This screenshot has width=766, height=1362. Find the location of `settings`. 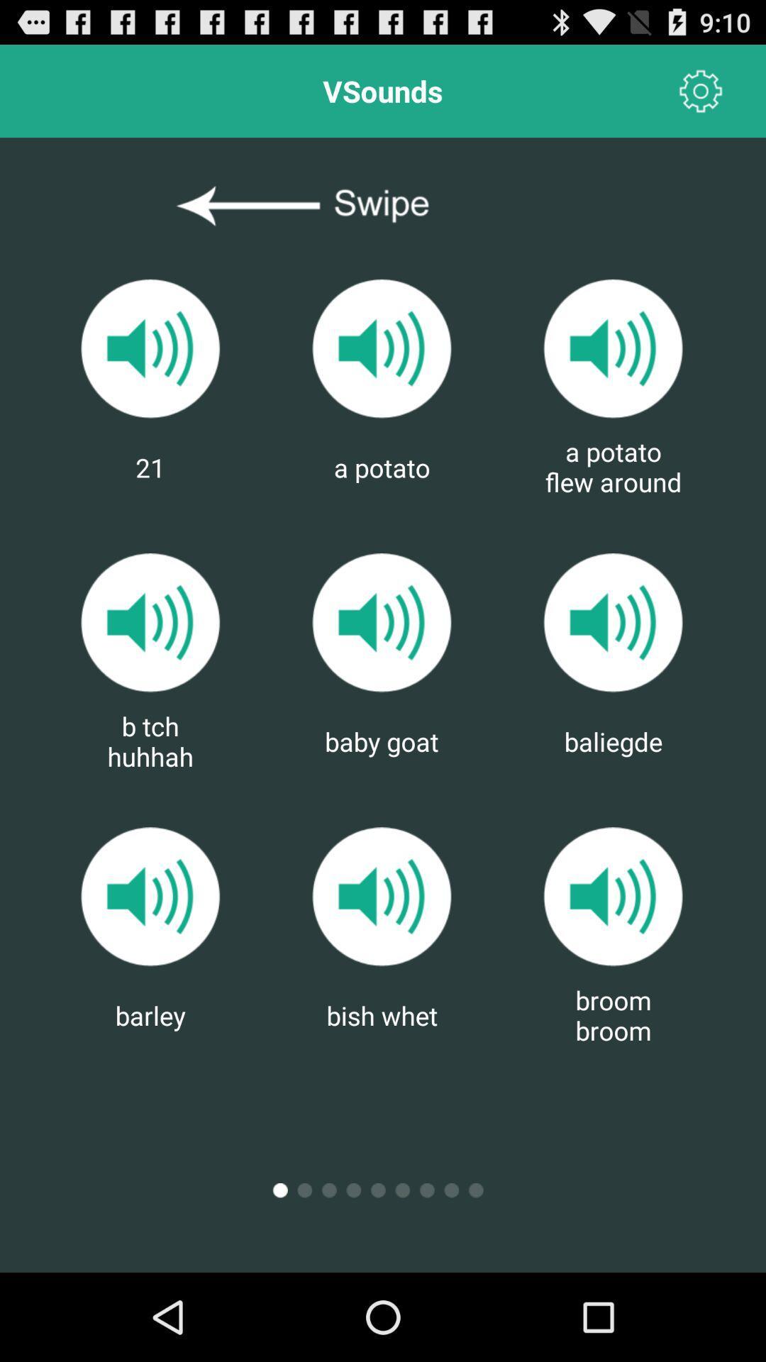

settings is located at coordinates (700, 90).